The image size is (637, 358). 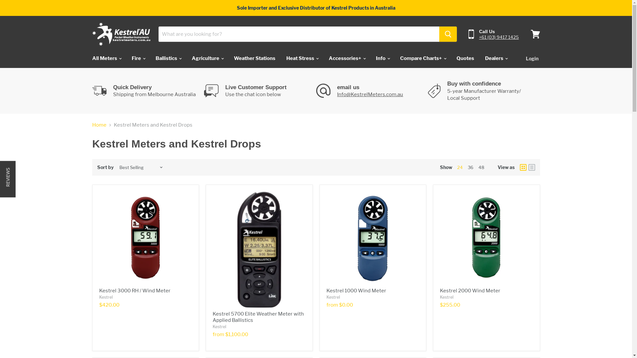 What do you see at coordinates (469, 290) in the screenshot?
I see `'Kestrel 2000 Wind Meter'` at bounding box center [469, 290].